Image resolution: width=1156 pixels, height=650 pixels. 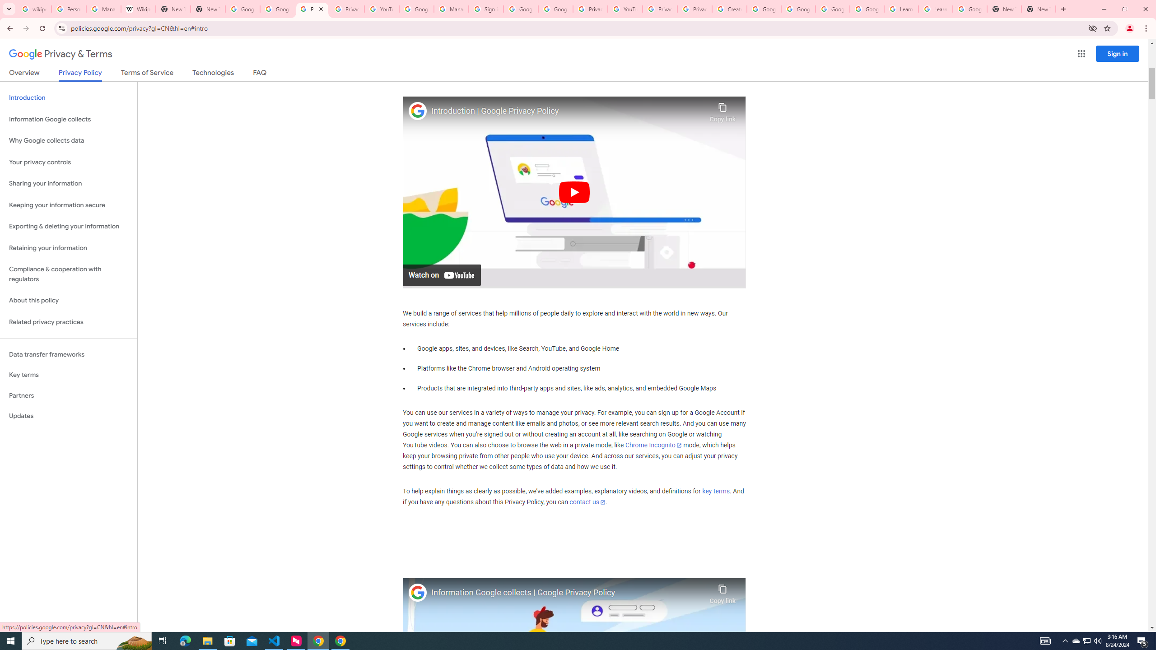 I want to click on 'Create your Google Account', so click(x=729, y=9).